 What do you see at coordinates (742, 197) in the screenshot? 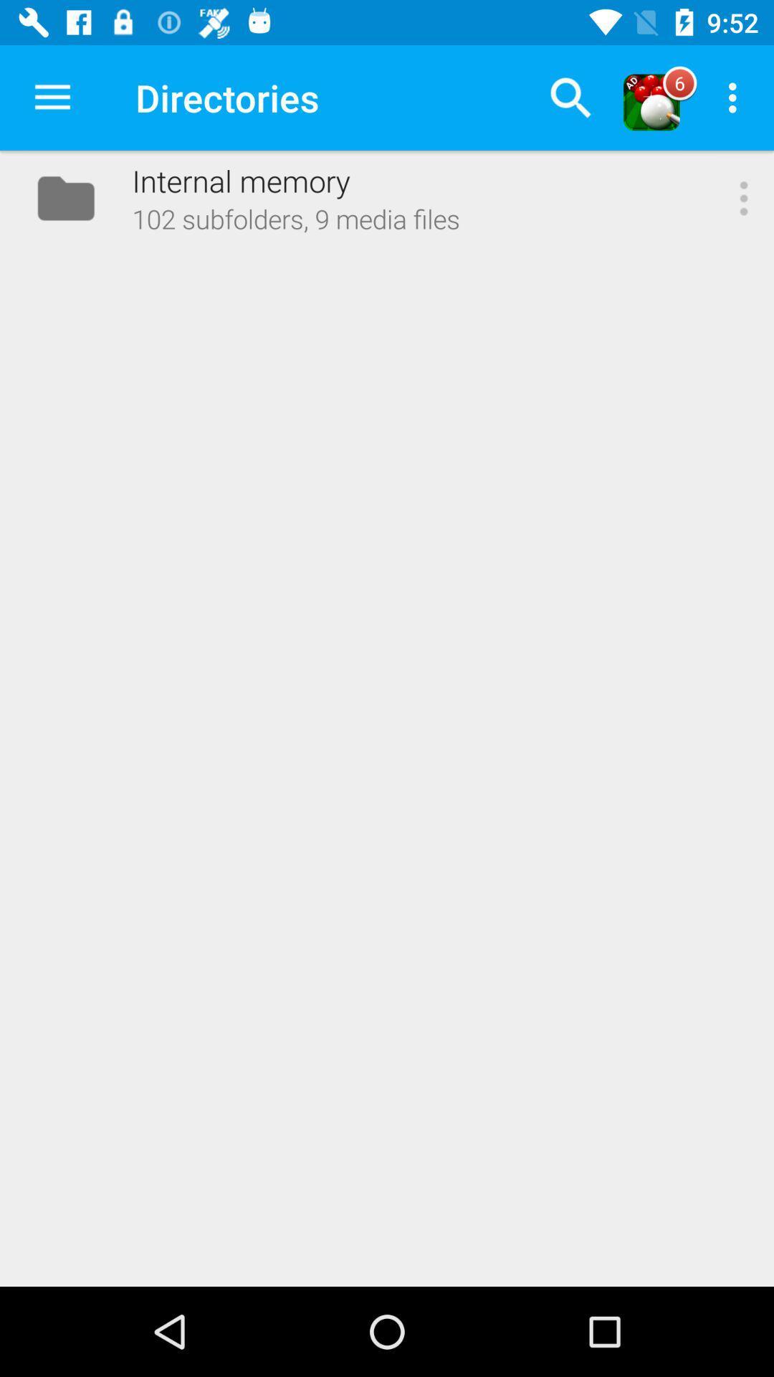
I see `the item to the right of 102 subfolders 9 item` at bounding box center [742, 197].